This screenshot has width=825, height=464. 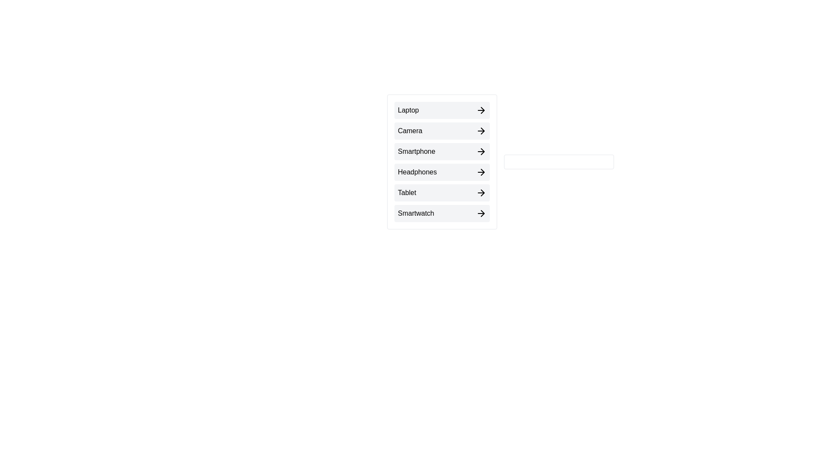 What do you see at coordinates (442, 131) in the screenshot?
I see `the arrow button next to Camera to move it to the right list` at bounding box center [442, 131].